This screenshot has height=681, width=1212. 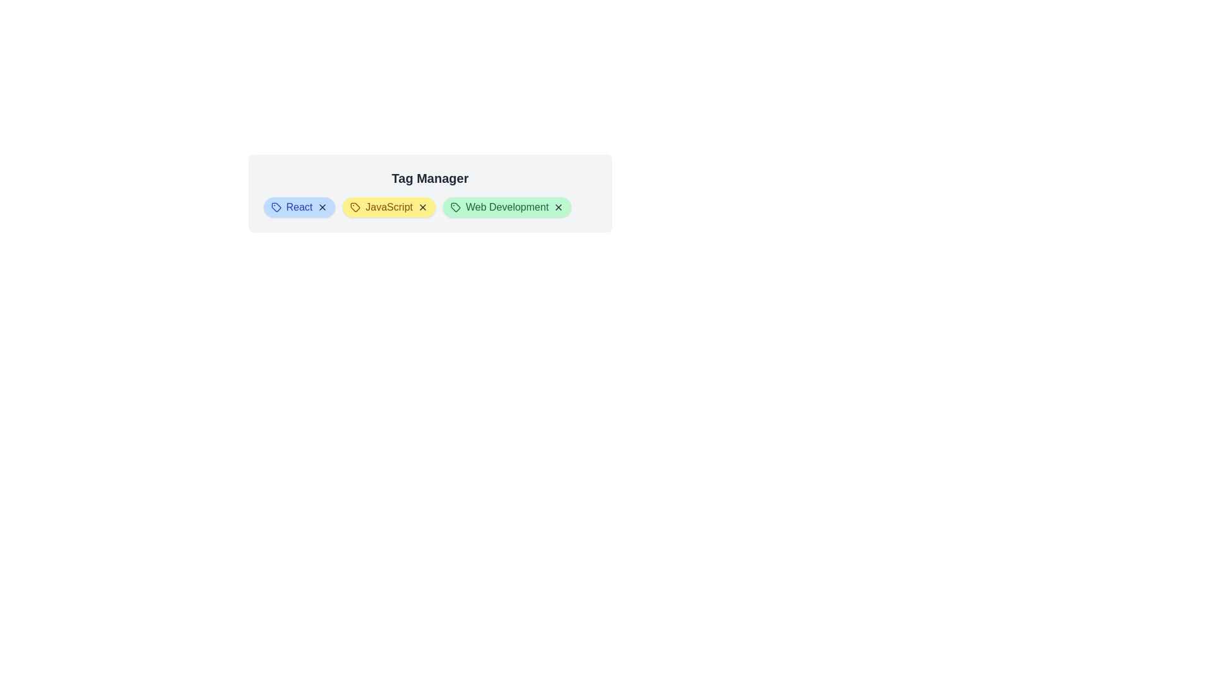 What do you see at coordinates (558, 206) in the screenshot?
I see `the close button of the tag labeled Web Development` at bounding box center [558, 206].